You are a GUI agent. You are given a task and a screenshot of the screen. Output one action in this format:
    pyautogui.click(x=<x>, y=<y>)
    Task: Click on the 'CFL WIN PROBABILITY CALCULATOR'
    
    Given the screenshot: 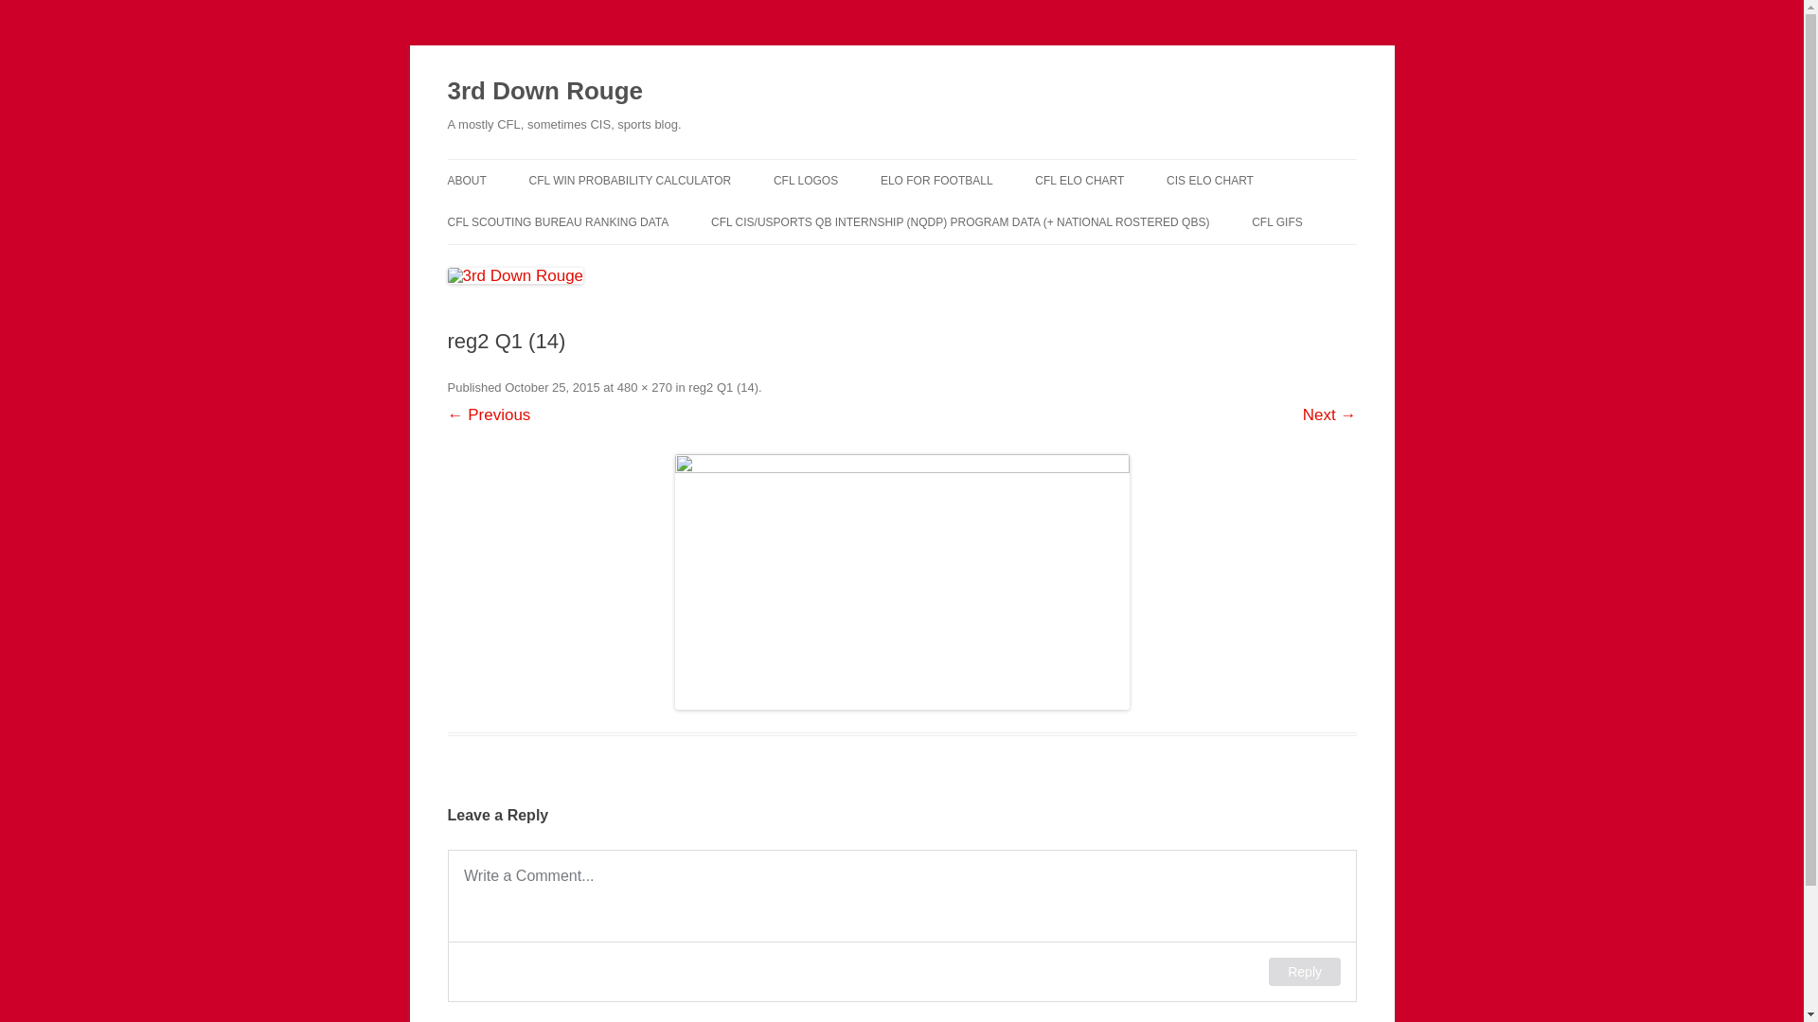 What is the action you would take?
    pyautogui.click(x=631, y=181)
    